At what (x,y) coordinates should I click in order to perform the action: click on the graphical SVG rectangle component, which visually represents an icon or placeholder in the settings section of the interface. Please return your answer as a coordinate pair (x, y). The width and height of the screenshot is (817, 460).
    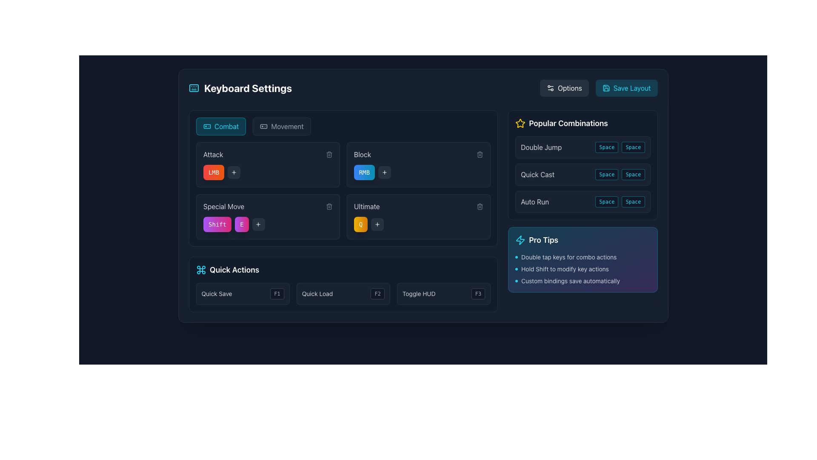
    Looking at the image, I should click on (207, 126).